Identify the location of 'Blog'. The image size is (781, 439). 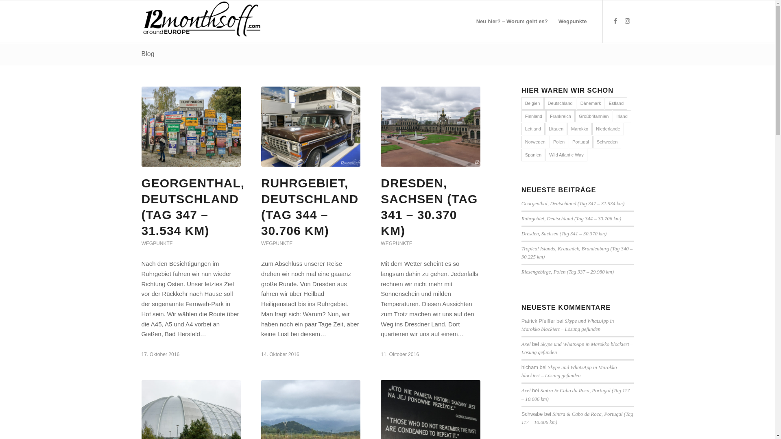
(148, 54).